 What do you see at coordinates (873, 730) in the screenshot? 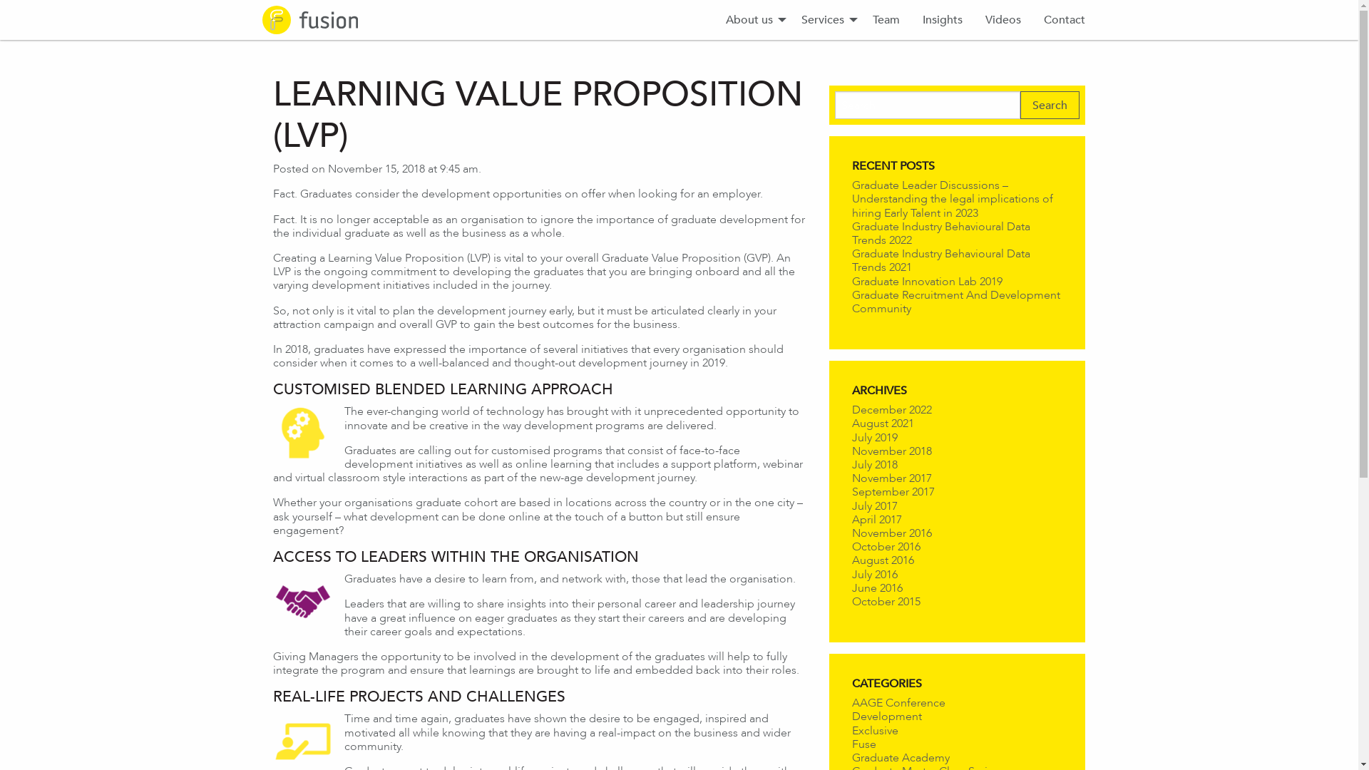
I see `'Exclusive'` at bounding box center [873, 730].